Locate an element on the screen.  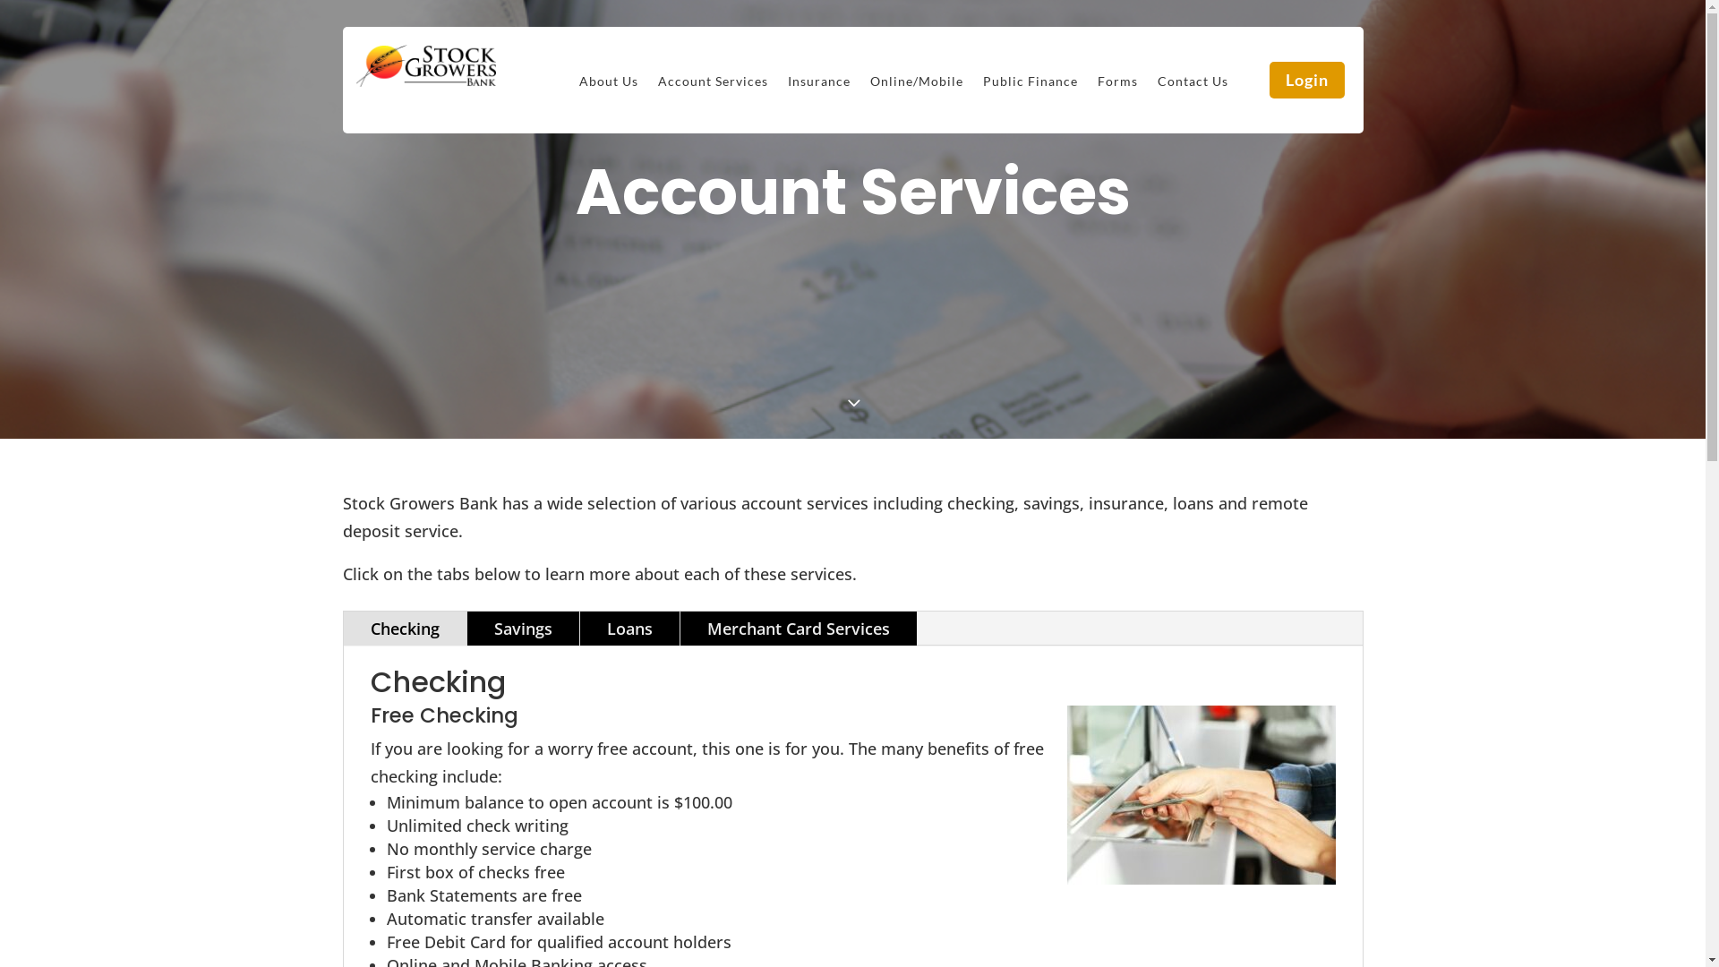
'3' is located at coordinates (851, 405).